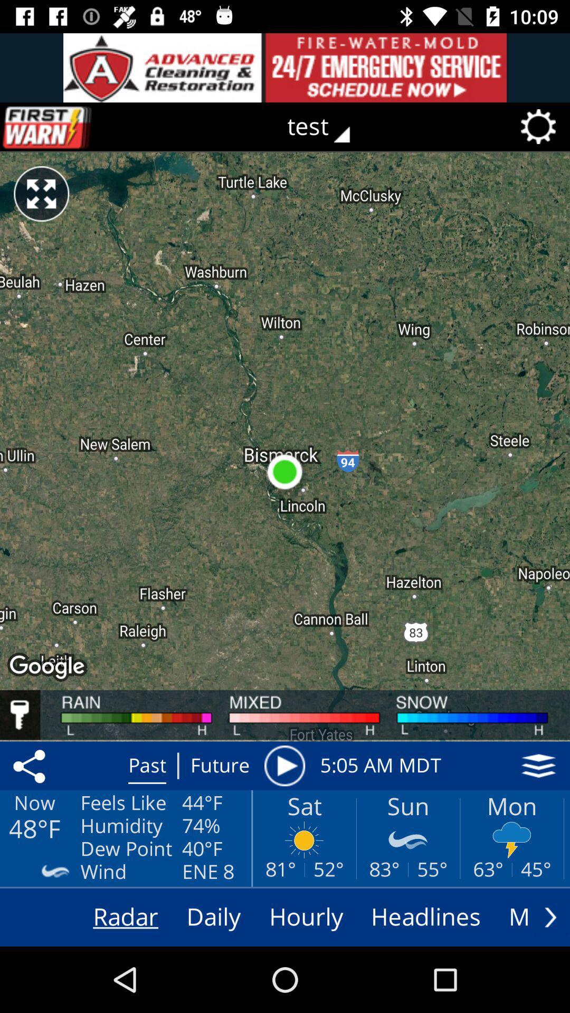 The width and height of the screenshot is (570, 1013). Describe the element at coordinates (284, 766) in the screenshot. I see `item next to the 5 05 am icon` at that location.